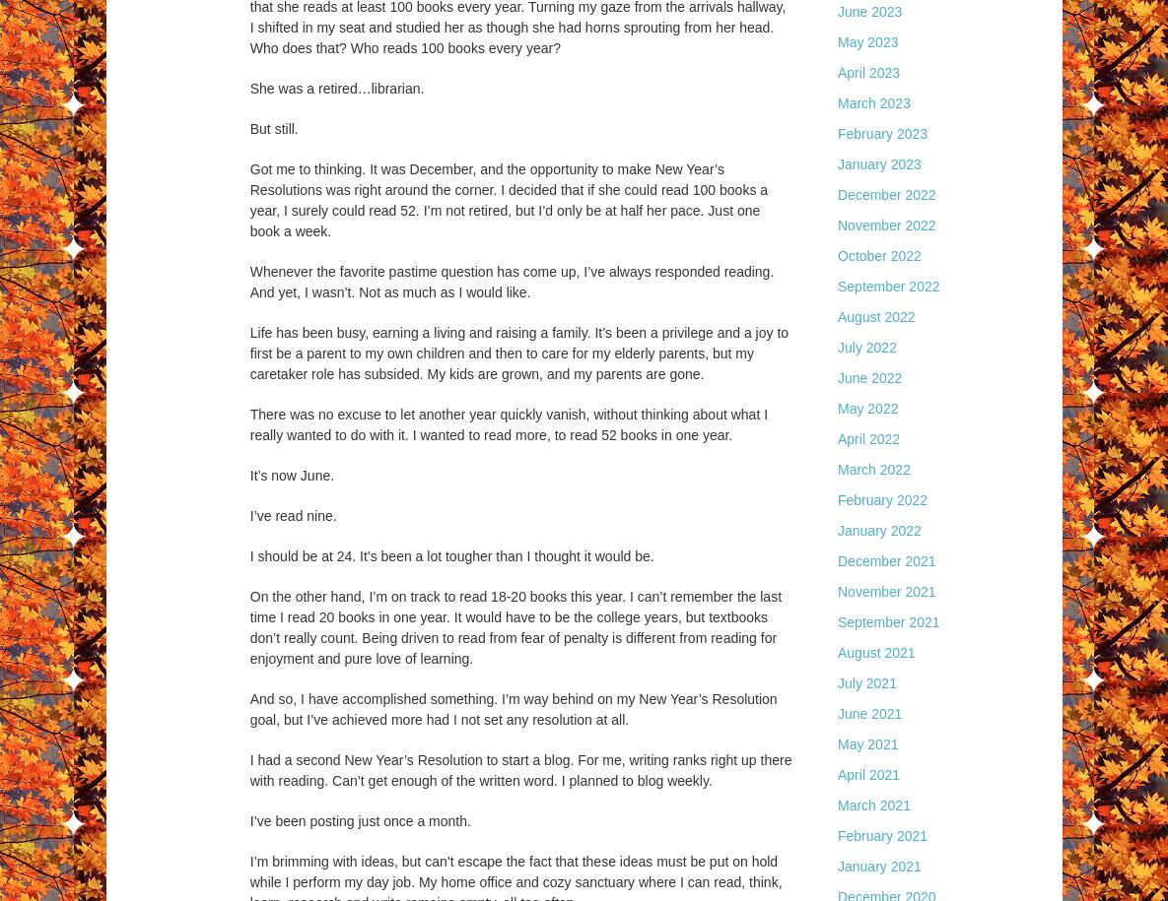  I want to click on 'Life has been busy, earning a living and raising a family. It’s been a privilege and a joy to first be a parent to my own children and then to care for my elderly parents, but my caretaker role has subsided. My kids are grown, and my parents are gone.', so click(518, 352).